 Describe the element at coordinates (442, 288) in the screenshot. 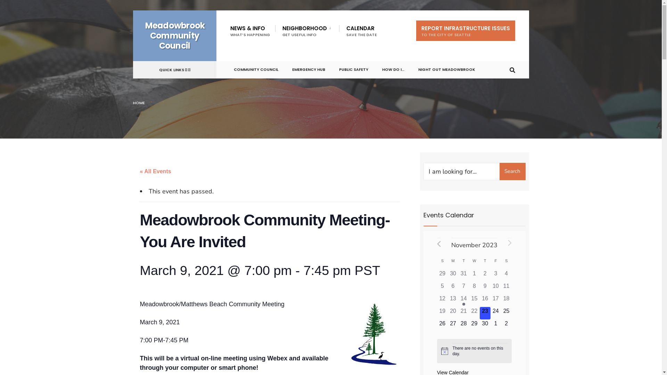

I see `'0 events,` at that location.